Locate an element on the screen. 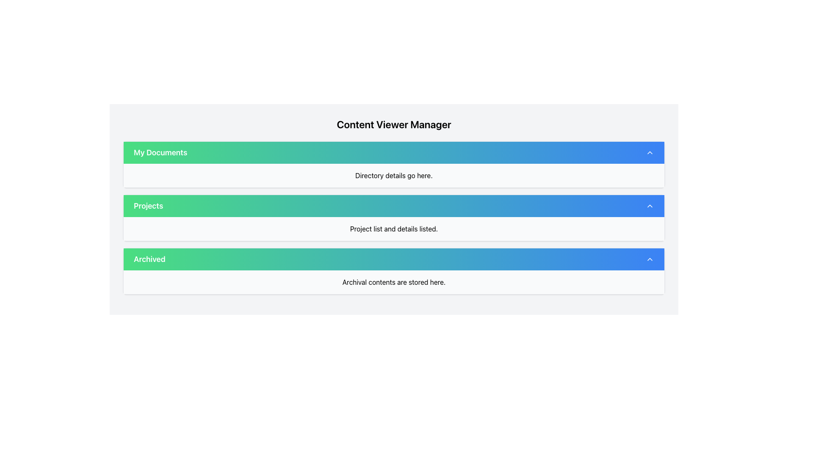 Image resolution: width=813 pixels, height=457 pixels. the informational text section that contains the message 'Archival contents are stored here.' This section is located beneath the 'Archived' header and has a light gray background is located at coordinates (393, 282).